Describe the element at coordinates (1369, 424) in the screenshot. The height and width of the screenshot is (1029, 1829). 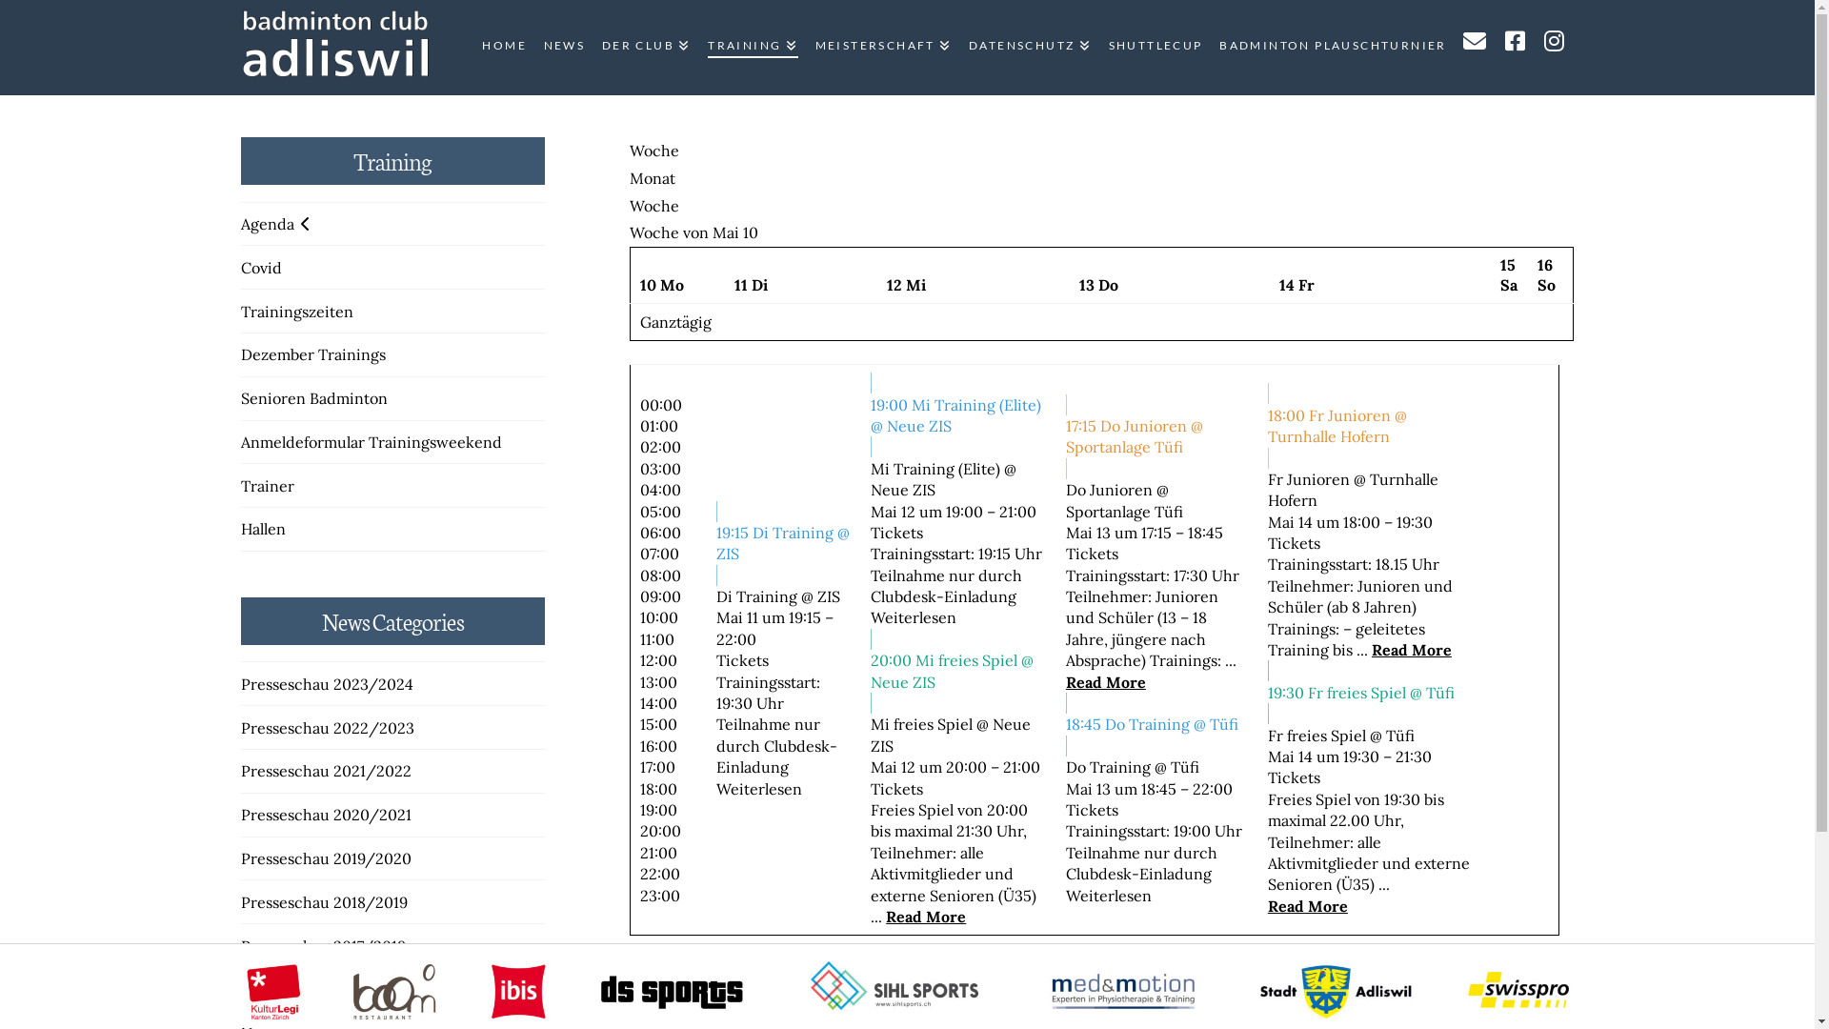
I see `'18:00 Fr Junioren @ Turnhalle Hofern'` at that location.